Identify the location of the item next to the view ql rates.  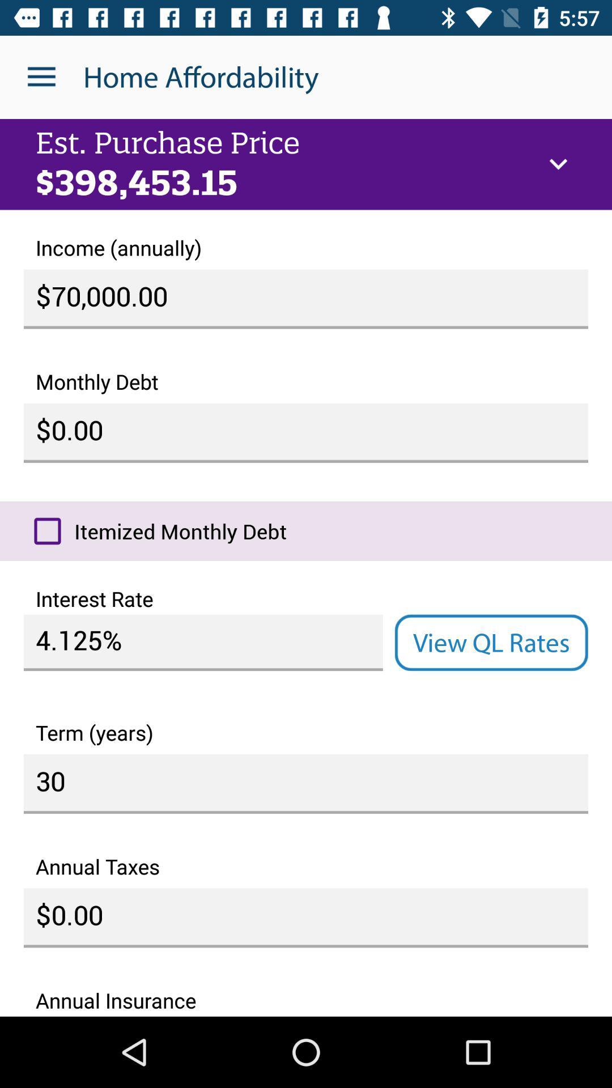
(202, 643).